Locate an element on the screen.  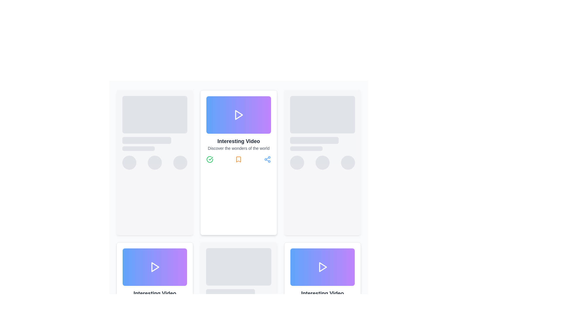
the clickable media preview with a play button located within the 'Interesting Video' card is located at coordinates (239, 115).